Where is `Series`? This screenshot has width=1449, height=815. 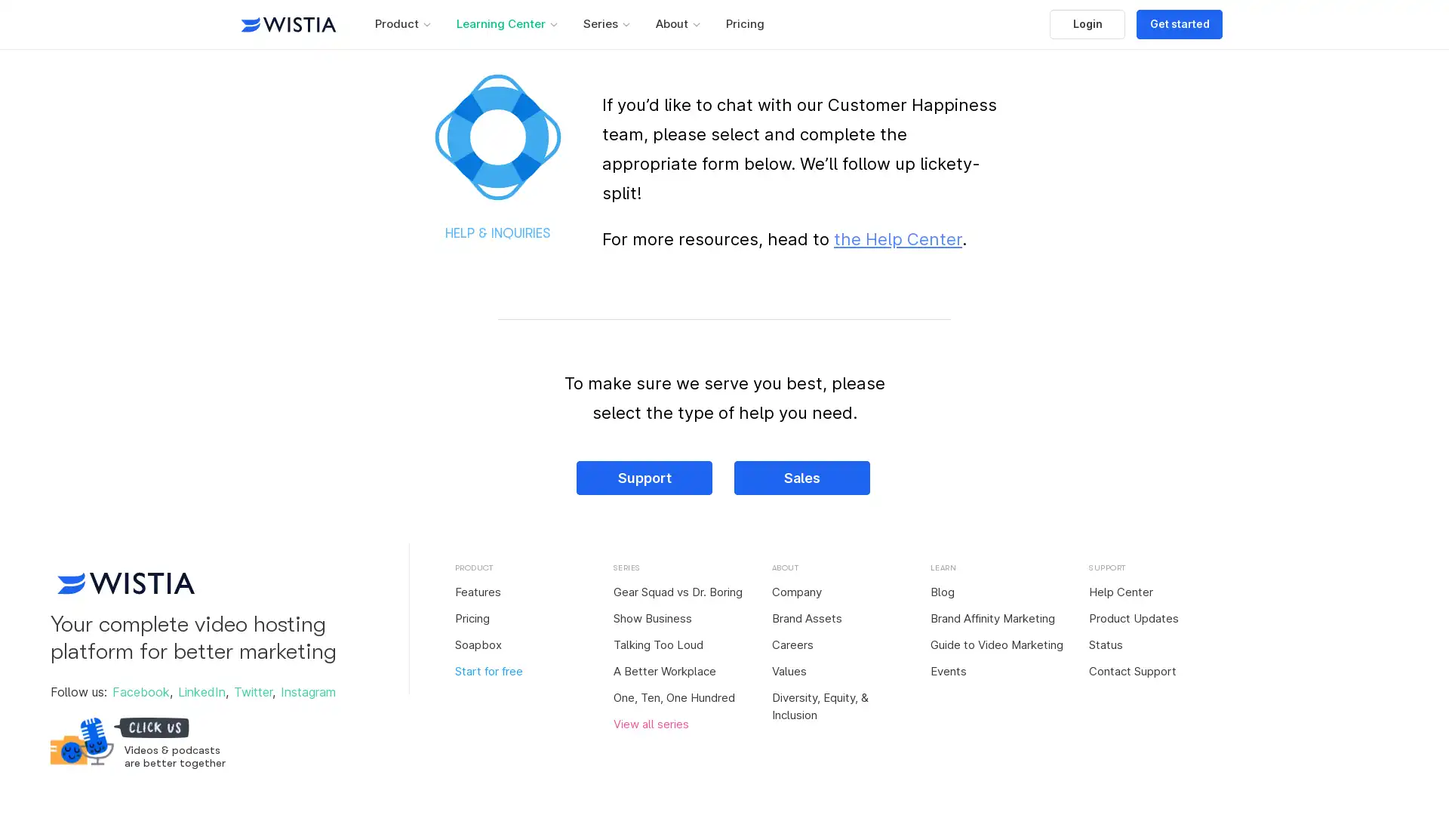
Series is located at coordinates (605, 24).